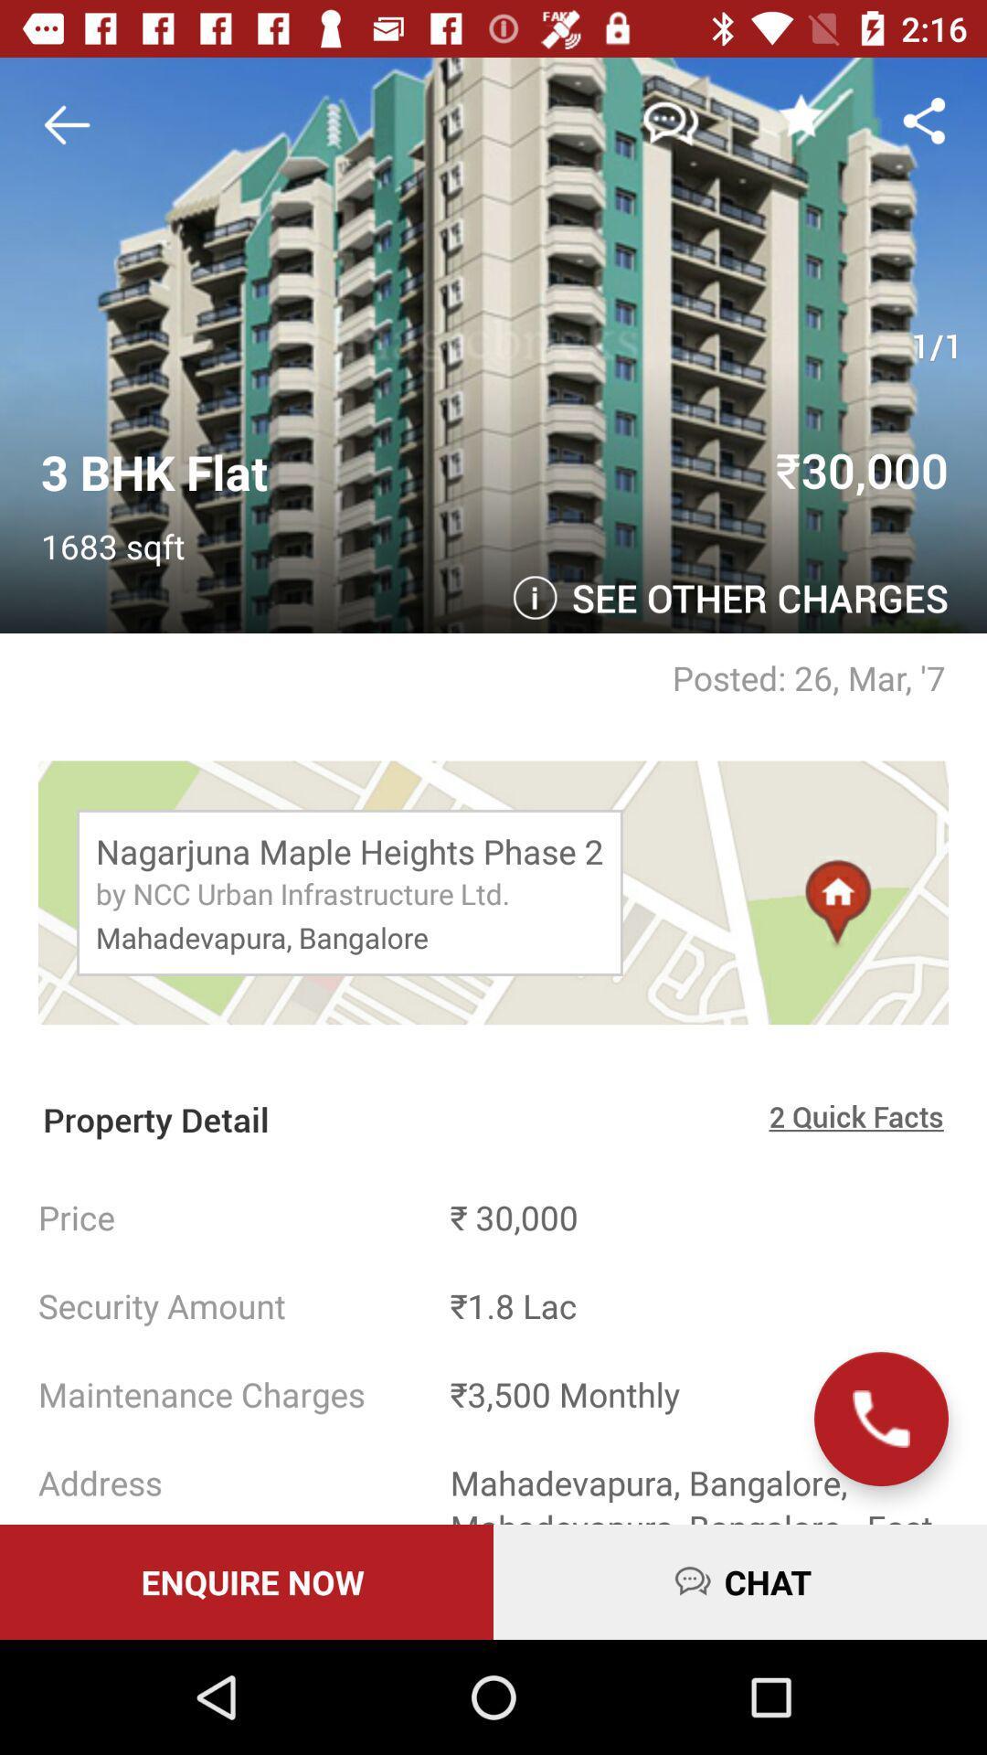 Image resolution: width=987 pixels, height=1755 pixels. I want to click on the star icon beside the share icon, so click(800, 114).